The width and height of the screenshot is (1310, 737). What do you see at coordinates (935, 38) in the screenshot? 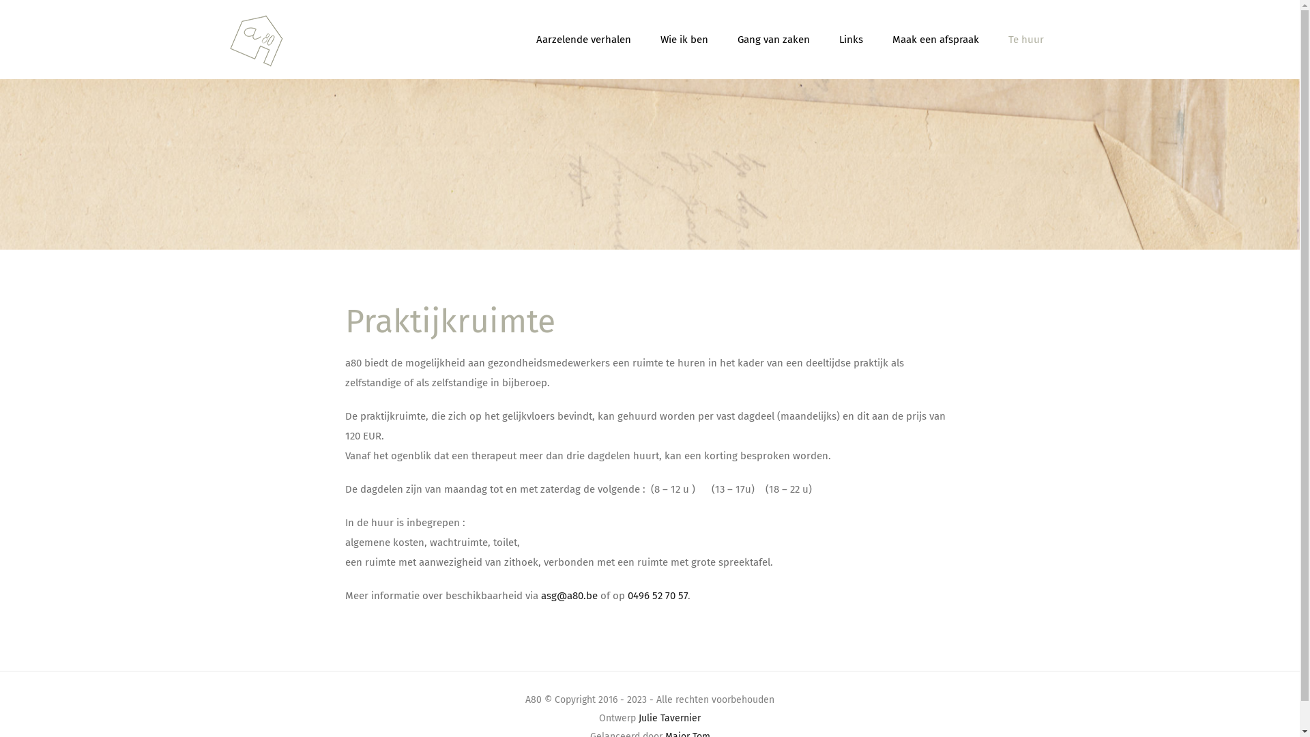
I see `'Maak een afspraak'` at bounding box center [935, 38].